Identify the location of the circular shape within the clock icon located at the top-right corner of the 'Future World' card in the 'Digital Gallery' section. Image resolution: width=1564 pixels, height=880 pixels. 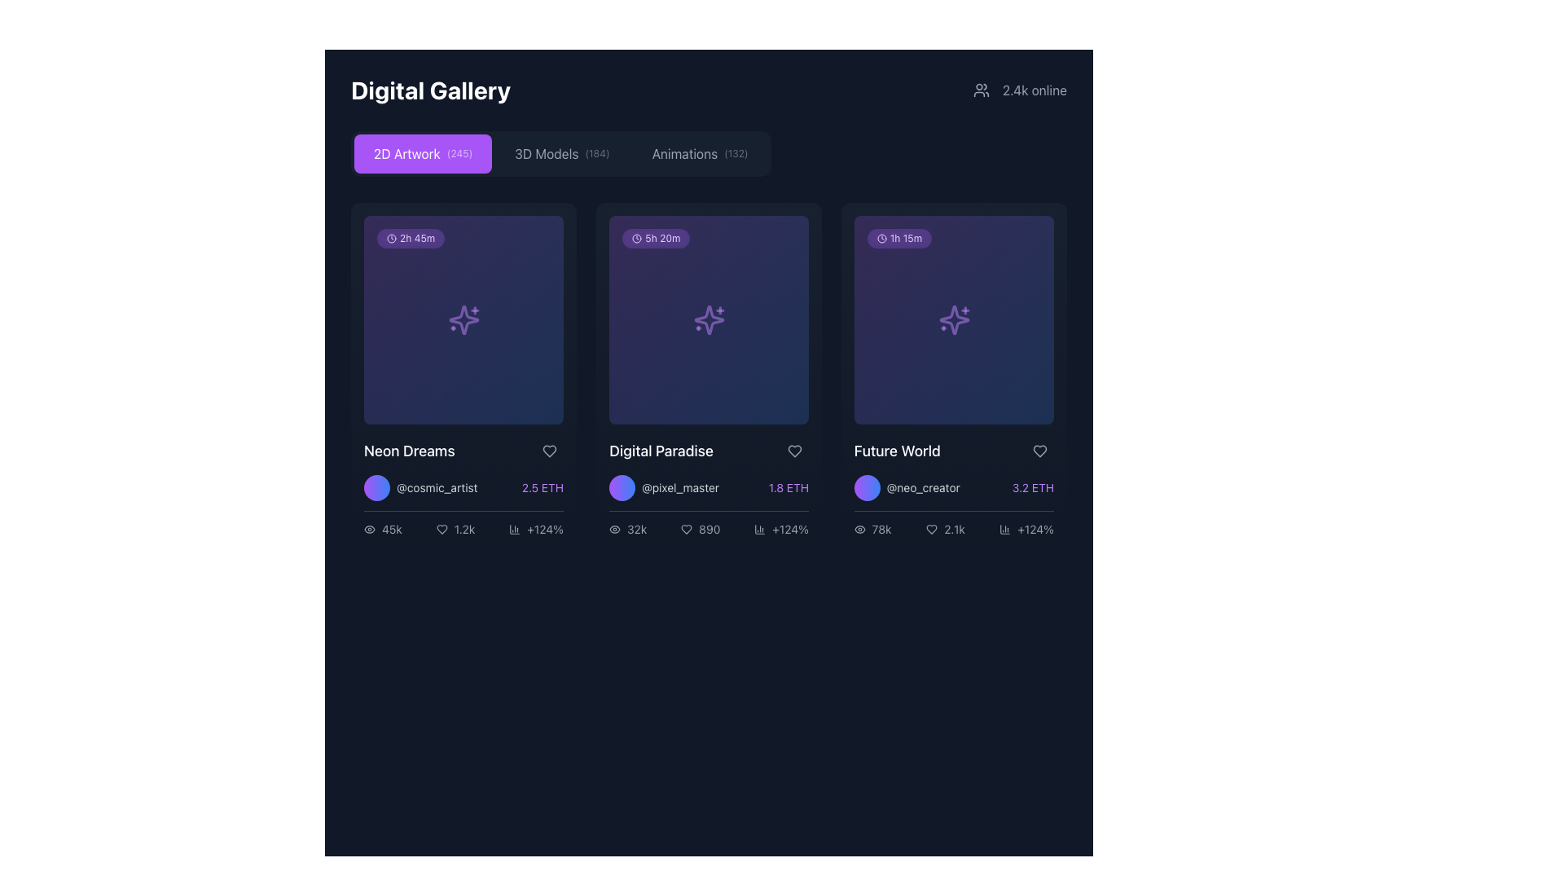
(881, 239).